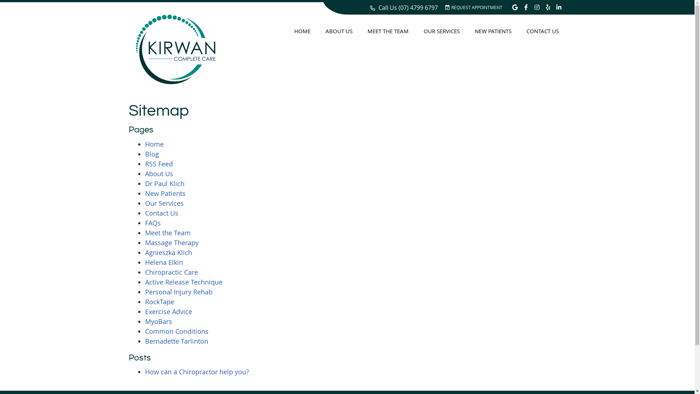 The width and height of the screenshot is (700, 394). What do you see at coordinates (158, 321) in the screenshot?
I see `'MyoBars'` at bounding box center [158, 321].